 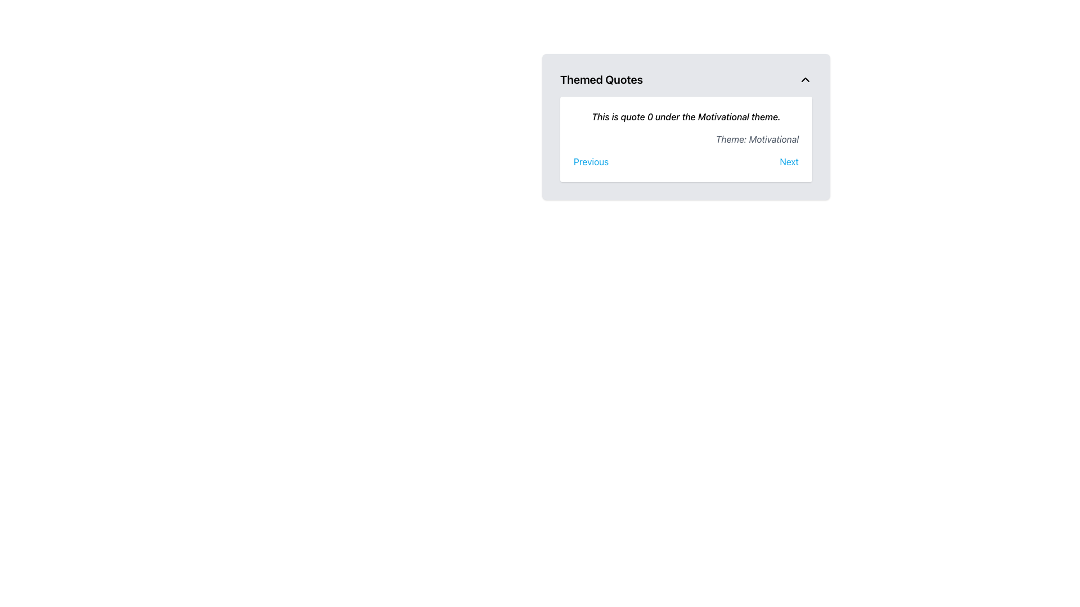 I want to click on the Header text located at the top left of the card, indicating the subject matter of the content below, so click(x=601, y=79).